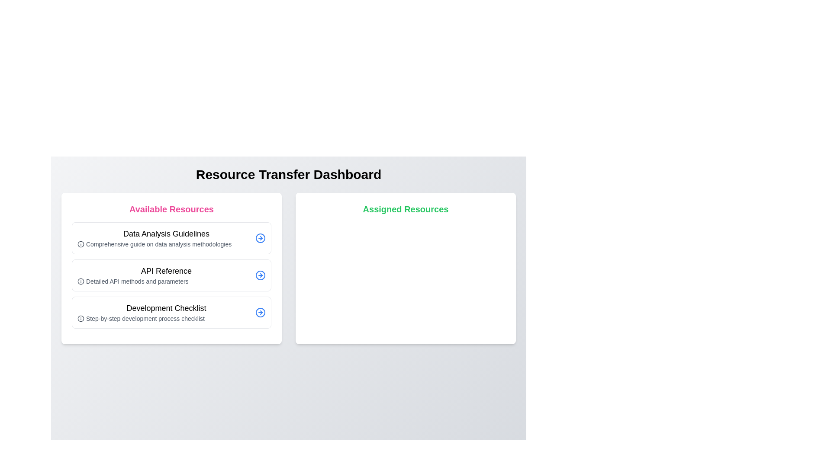 The image size is (831, 467). Describe the element at coordinates (166, 318) in the screenshot. I see `the text label that reads 'Step-by-step development process checklist' located in the 'Development Checklist' section of the 'Resource Transfer Dashboard' interface` at that location.